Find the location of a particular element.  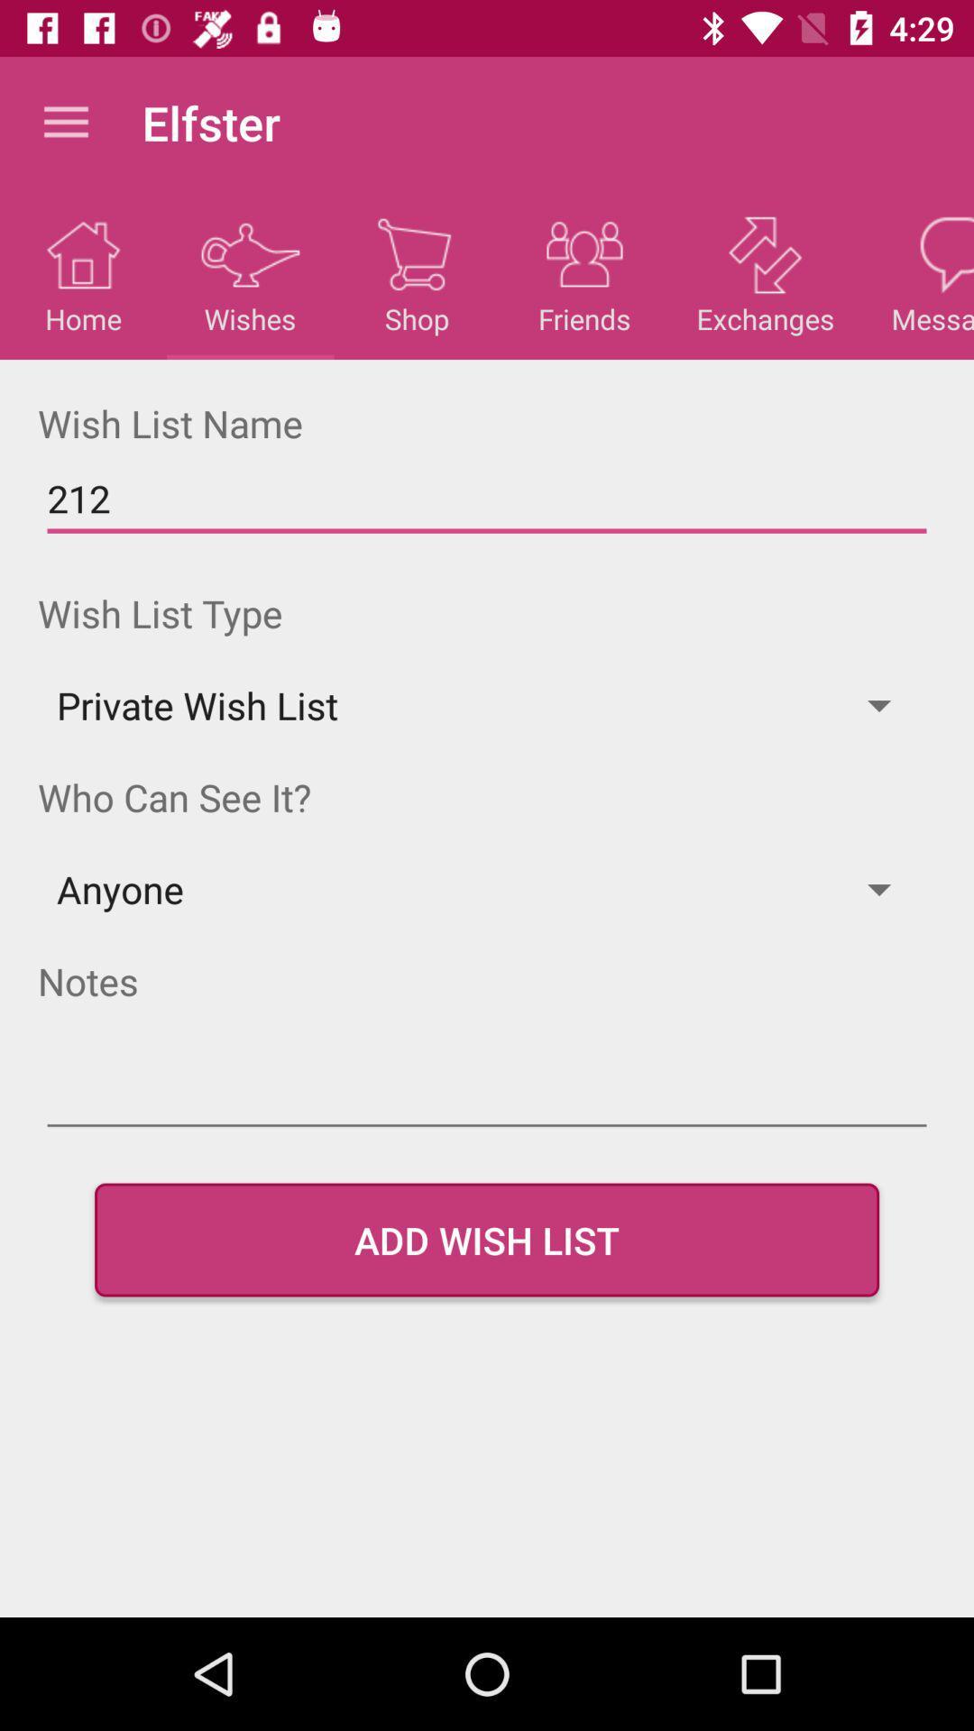

the item next to the elfster app is located at coordinates (65, 122).